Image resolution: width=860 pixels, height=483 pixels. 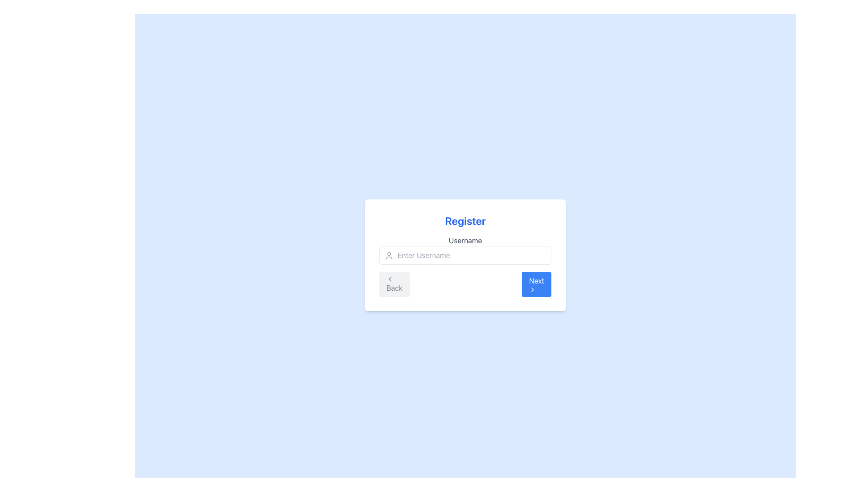 What do you see at coordinates (390, 279) in the screenshot?
I see `the vector graphic icon located to the left of the 'Back' text in the button at the bottom left section of the registration form` at bounding box center [390, 279].